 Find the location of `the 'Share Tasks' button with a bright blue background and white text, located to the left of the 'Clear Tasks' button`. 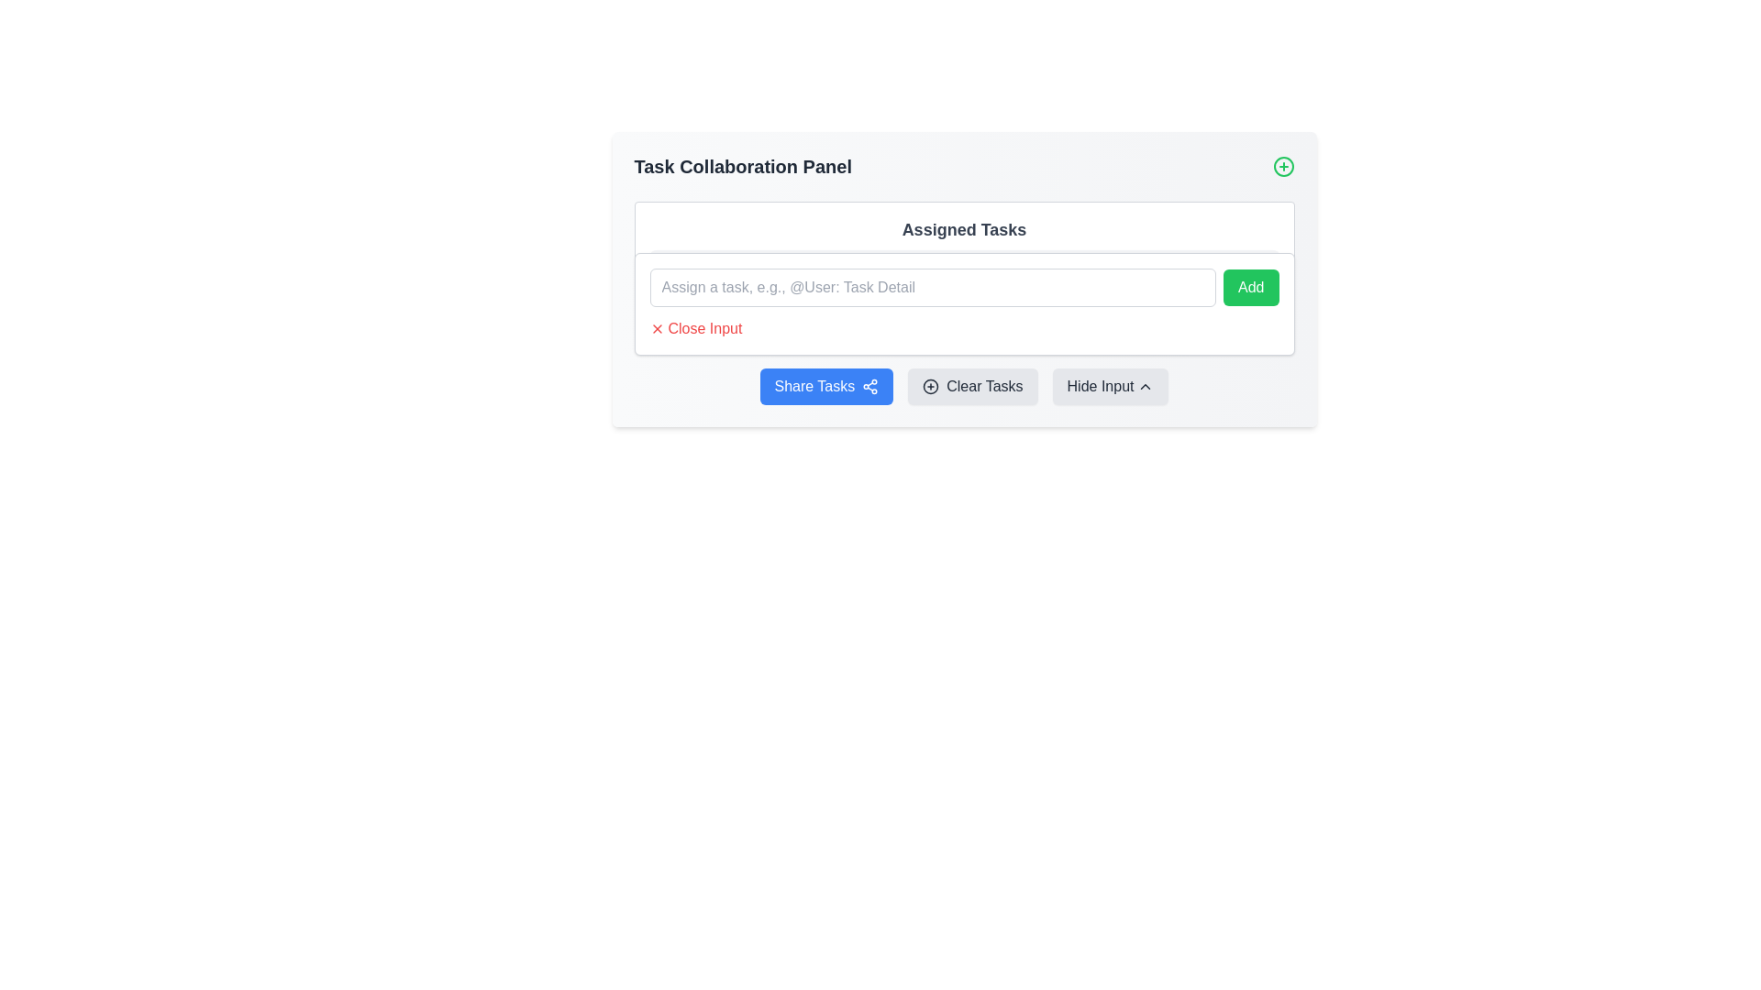

the 'Share Tasks' button with a bright blue background and white text, located to the left of the 'Clear Tasks' button is located at coordinates (825, 385).